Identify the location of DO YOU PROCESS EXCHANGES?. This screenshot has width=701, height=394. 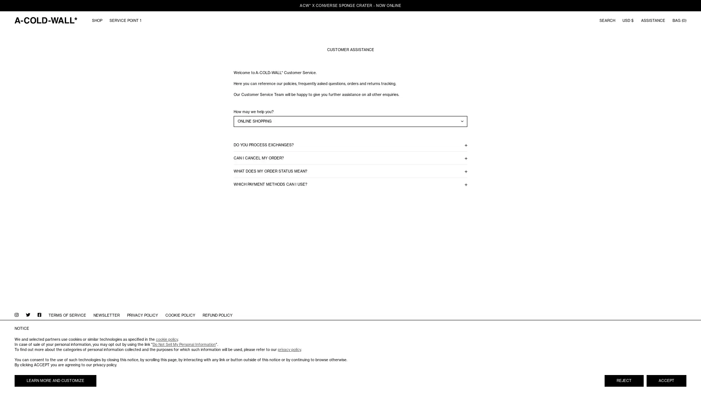
(350, 145).